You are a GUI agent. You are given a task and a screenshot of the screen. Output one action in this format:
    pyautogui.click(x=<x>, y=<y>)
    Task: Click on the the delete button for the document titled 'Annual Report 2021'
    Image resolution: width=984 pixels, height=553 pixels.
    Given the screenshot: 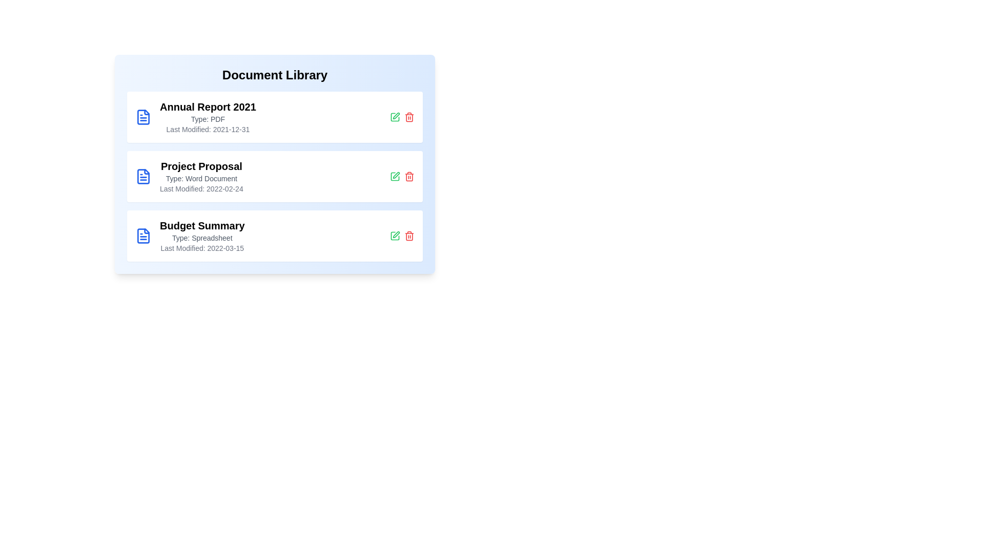 What is the action you would take?
    pyautogui.click(x=408, y=116)
    